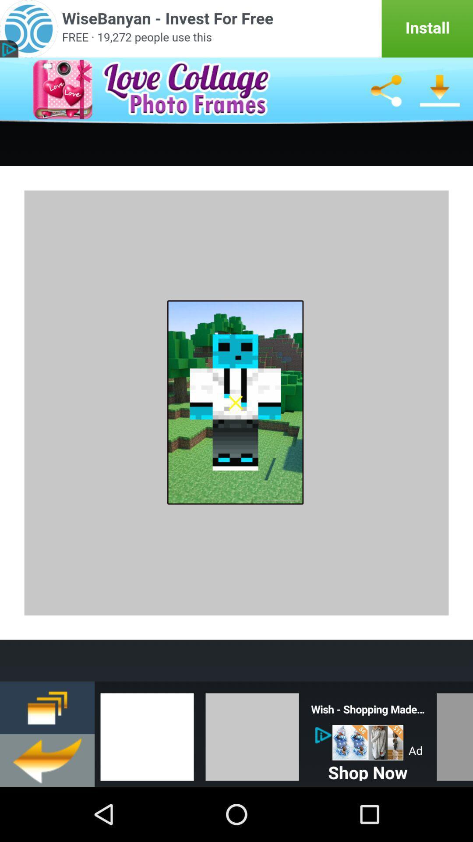 Image resolution: width=473 pixels, height=842 pixels. What do you see at coordinates (385, 90) in the screenshot?
I see `share image` at bounding box center [385, 90].